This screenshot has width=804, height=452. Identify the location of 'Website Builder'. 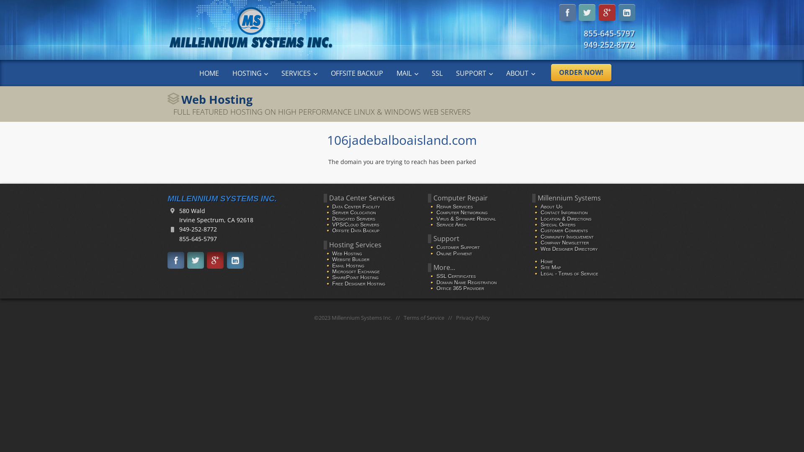
(350, 259).